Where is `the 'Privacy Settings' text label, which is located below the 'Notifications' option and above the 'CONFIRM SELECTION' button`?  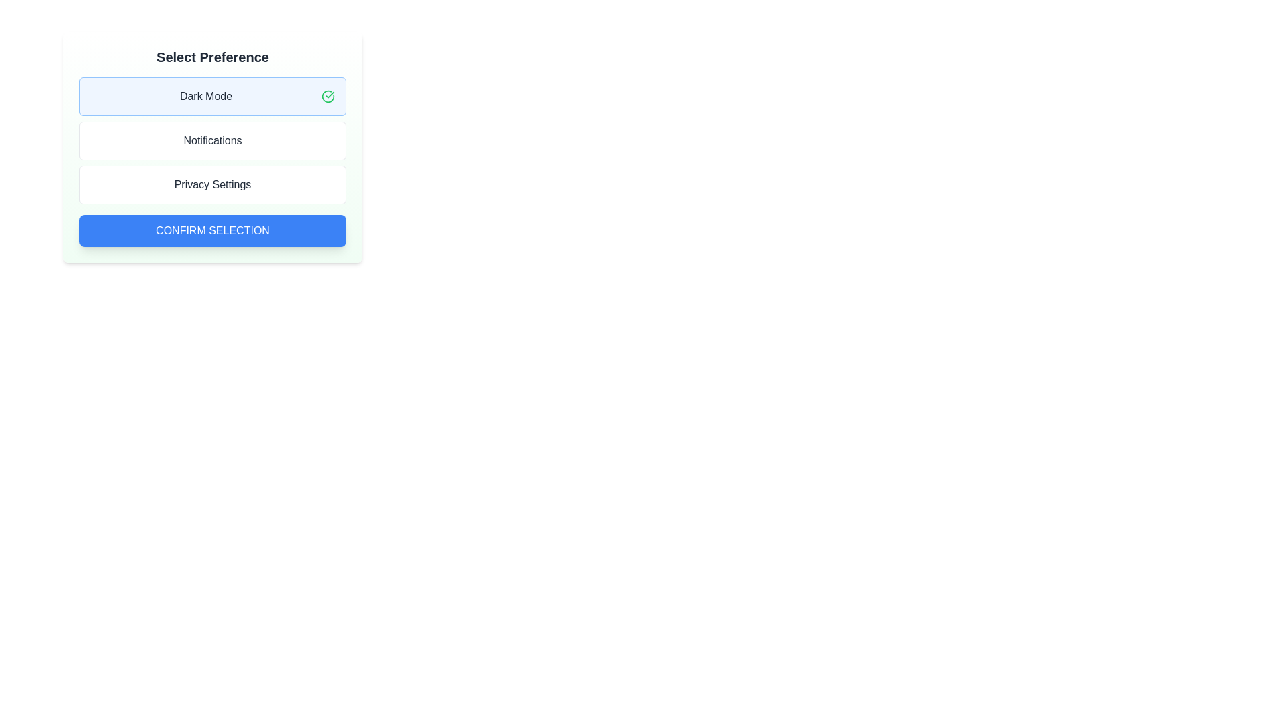 the 'Privacy Settings' text label, which is located below the 'Notifications' option and above the 'CONFIRM SELECTION' button is located at coordinates (211, 185).